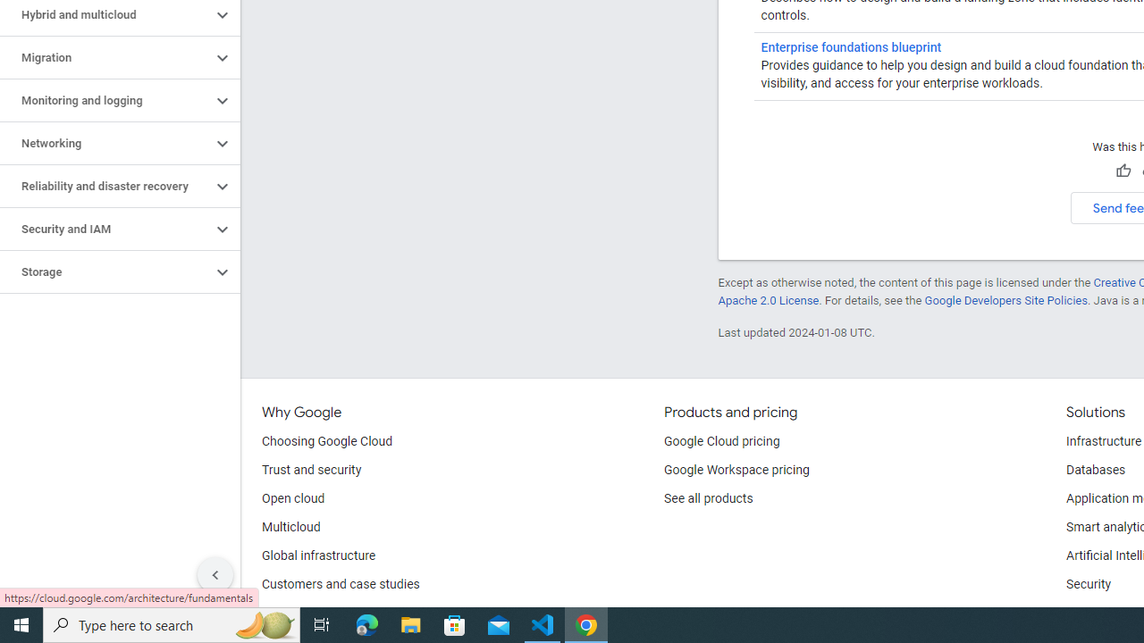 The width and height of the screenshot is (1144, 643). Describe the element at coordinates (105, 271) in the screenshot. I see `'Storage'` at that location.